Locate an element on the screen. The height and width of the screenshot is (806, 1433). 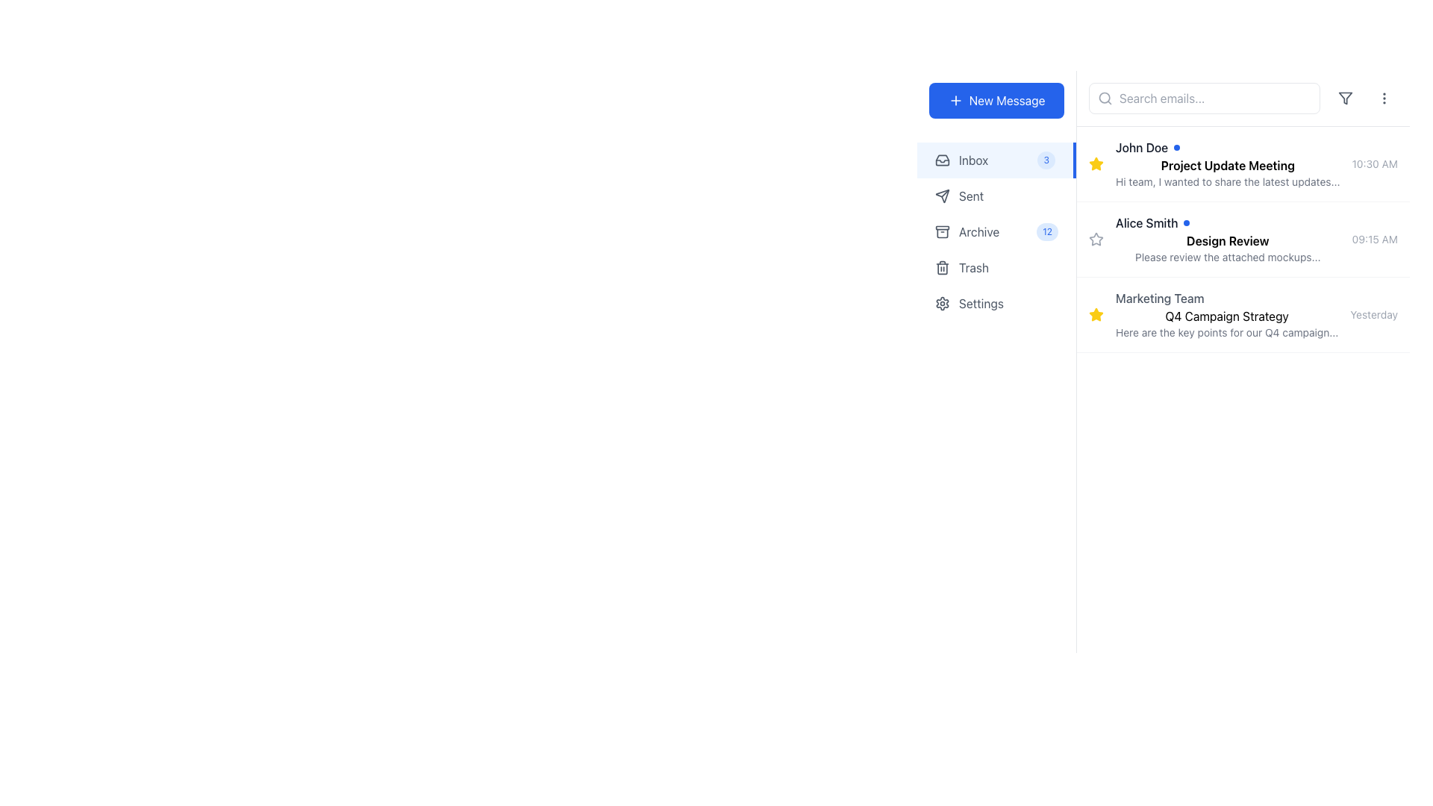
the sender's name label in the email list, which is located below 'John Doe' and above 'Marketing Team', in the center-right section of the interface is located at coordinates (1146, 223).